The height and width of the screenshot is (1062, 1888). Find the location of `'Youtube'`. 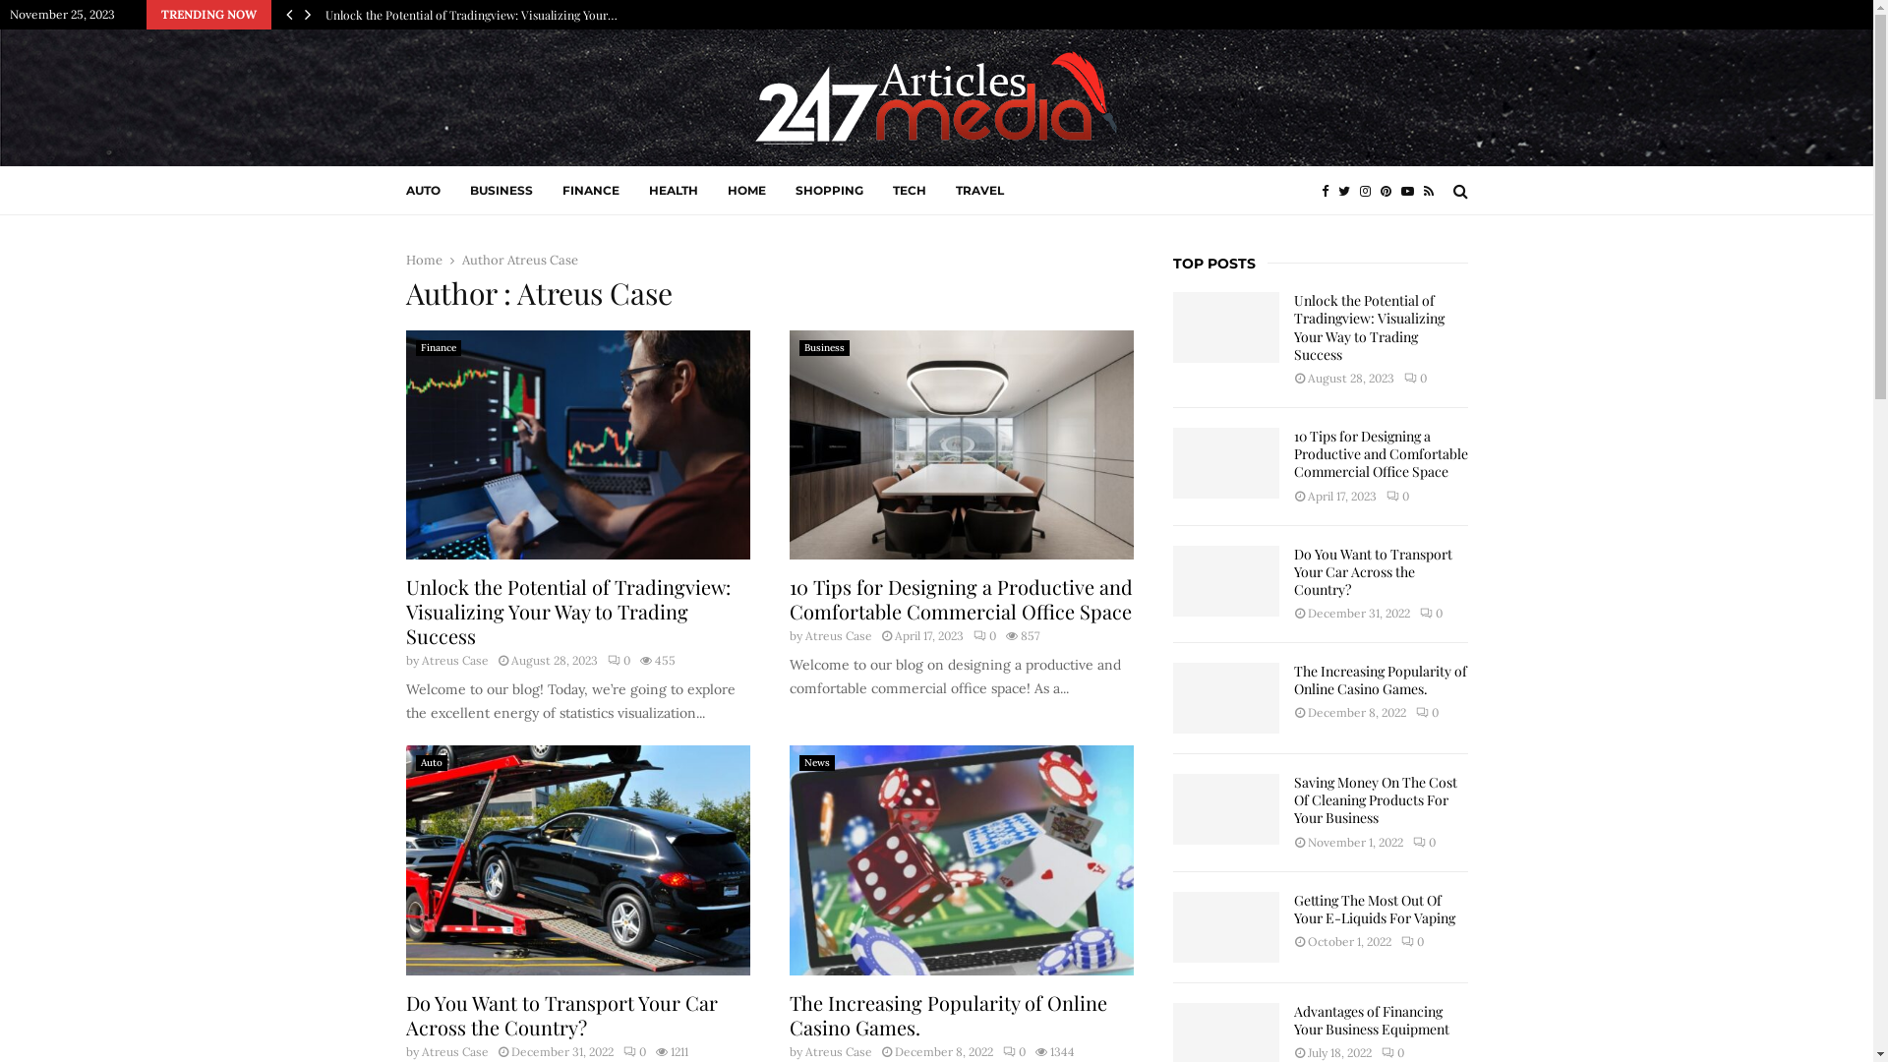

'Youtube' is located at coordinates (1410, 191).